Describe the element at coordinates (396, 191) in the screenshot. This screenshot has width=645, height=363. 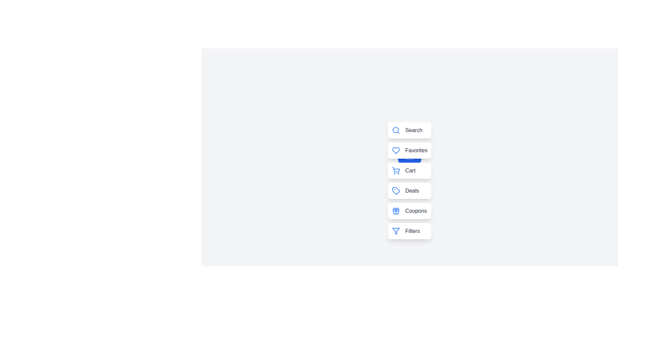
I see `the deals or offers icon positioned as the fourth element in a vertical list, located beneath the cart icon and above the gift icon` at that location.